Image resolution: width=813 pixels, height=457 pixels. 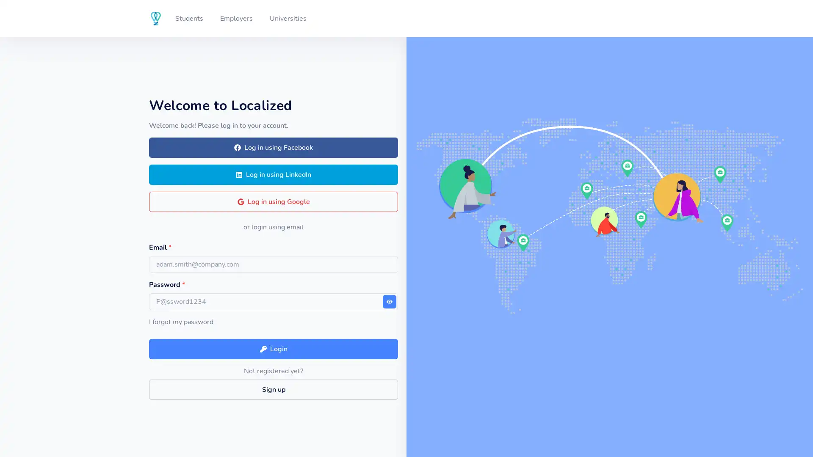 I want to click on Show, so click(x=389, y=301).